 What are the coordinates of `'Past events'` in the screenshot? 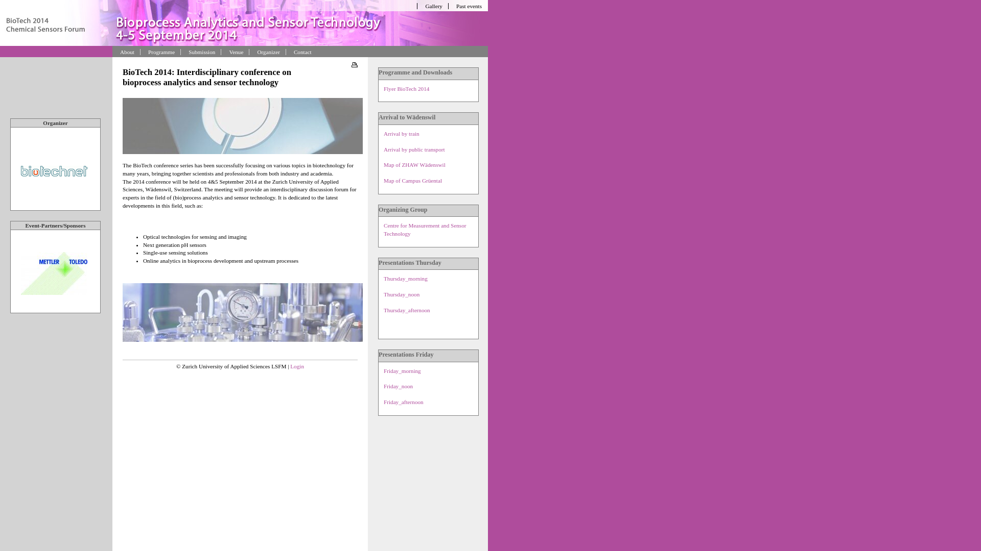 It's located at (466, 6).